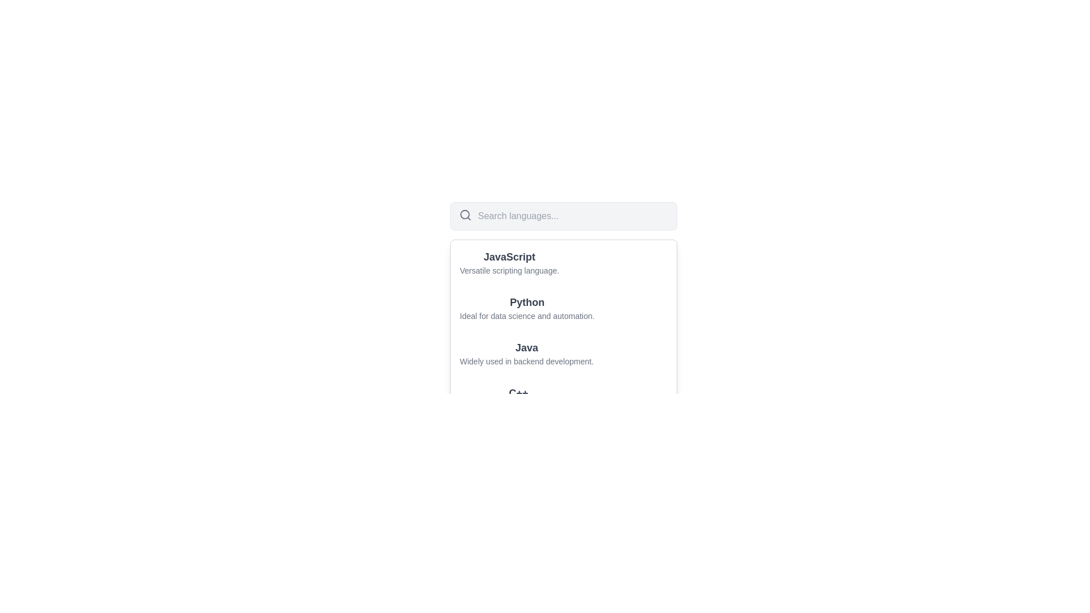 This screenshot has width=1090, height=613. Describe the element at coordinates (466, 215) in the screenshot. I see `the gray magnifying glass icon that represents search functionality, located above the 'Search languages...' input field` at that location.